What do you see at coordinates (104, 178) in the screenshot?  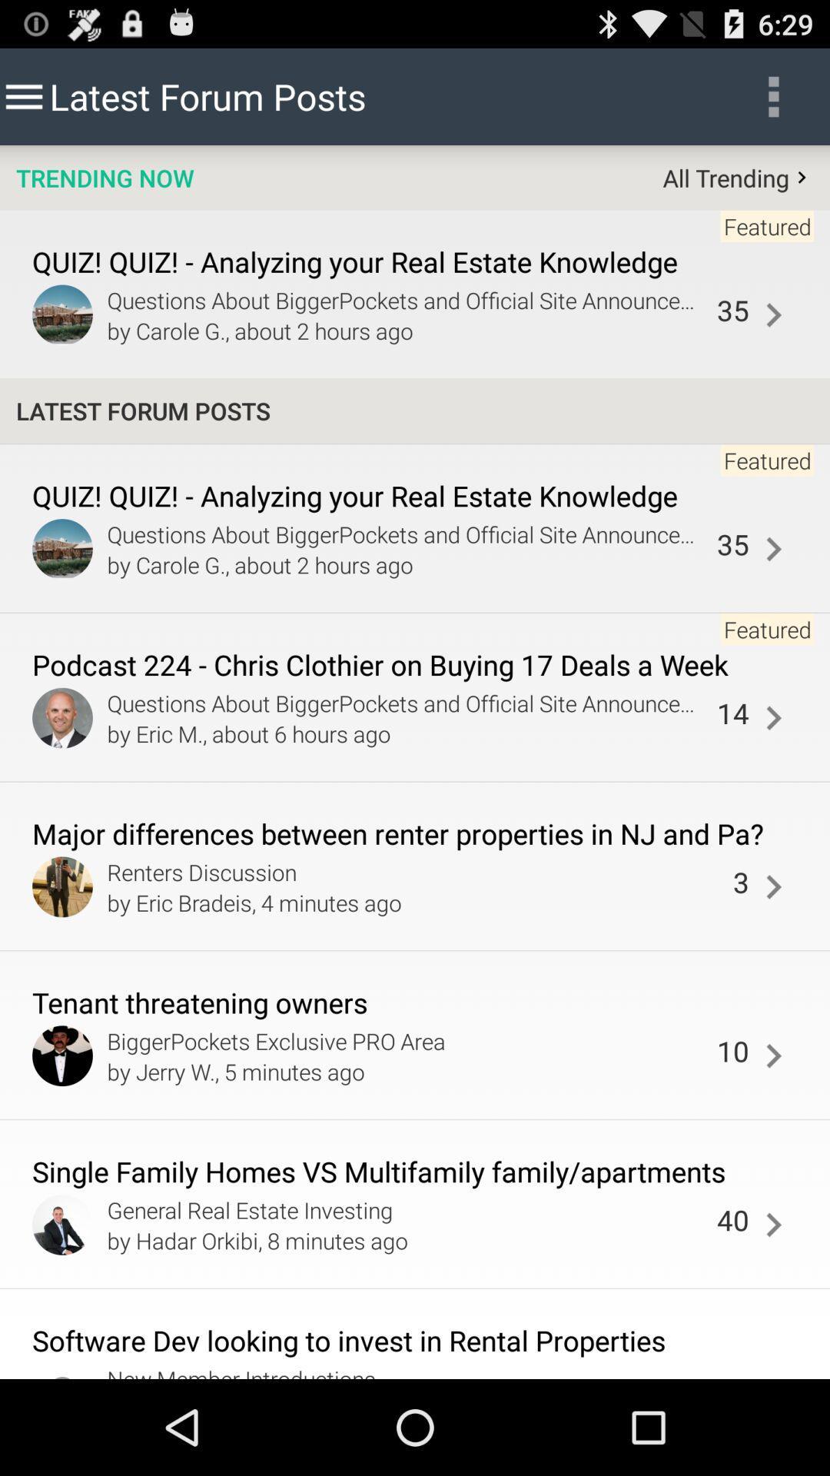 I see `app above quiz quiz analyzing item` at bounding box center [104, 178].